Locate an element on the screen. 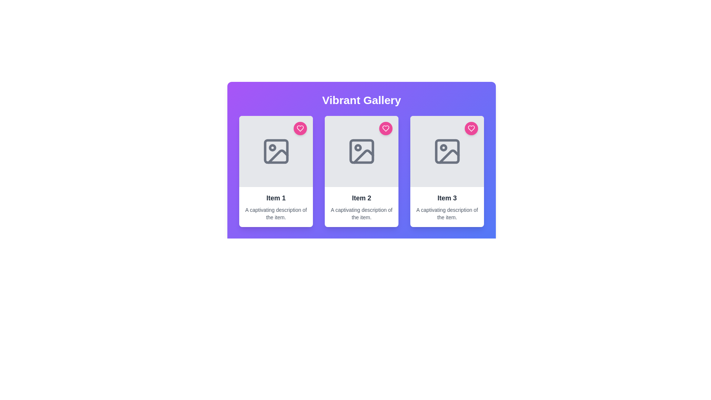 This screenshot has height=400, width=711. the circular graphical element located in the top-left portion of the second item card in the gallery is located at coordinates (358, 147).